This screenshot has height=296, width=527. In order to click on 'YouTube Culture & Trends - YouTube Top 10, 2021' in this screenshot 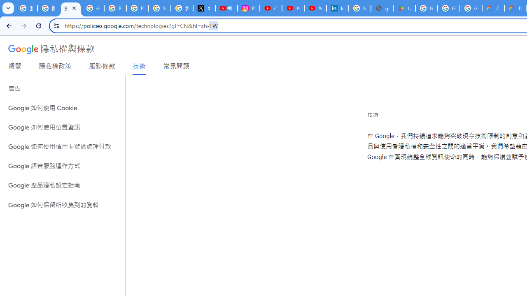, I will do `click(315, 8)`.